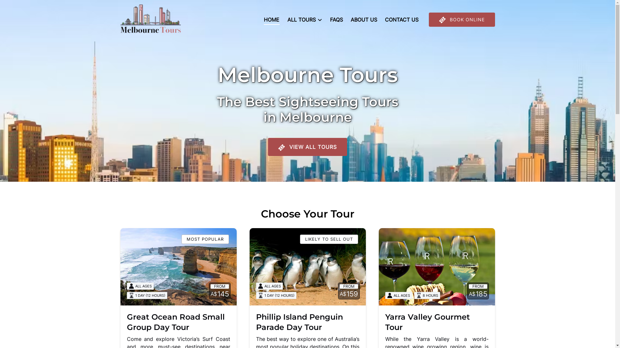 The width and height of the screenshot is (620, 348). Describe the element at coordinates (437, 267) in the screenshot. I see `'FROM` at that location.